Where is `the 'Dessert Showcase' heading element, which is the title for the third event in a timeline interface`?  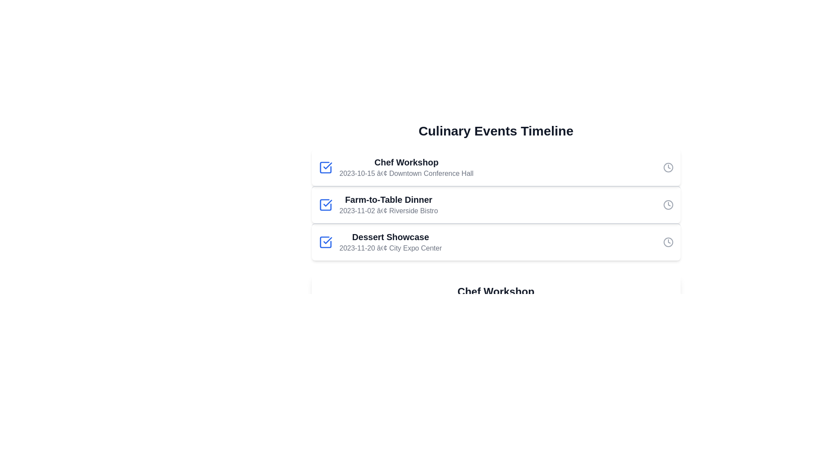 the 'Dessert Showcase' heading element, which is the title for the third event in a timeline interface is located at coordinates (390, 237).